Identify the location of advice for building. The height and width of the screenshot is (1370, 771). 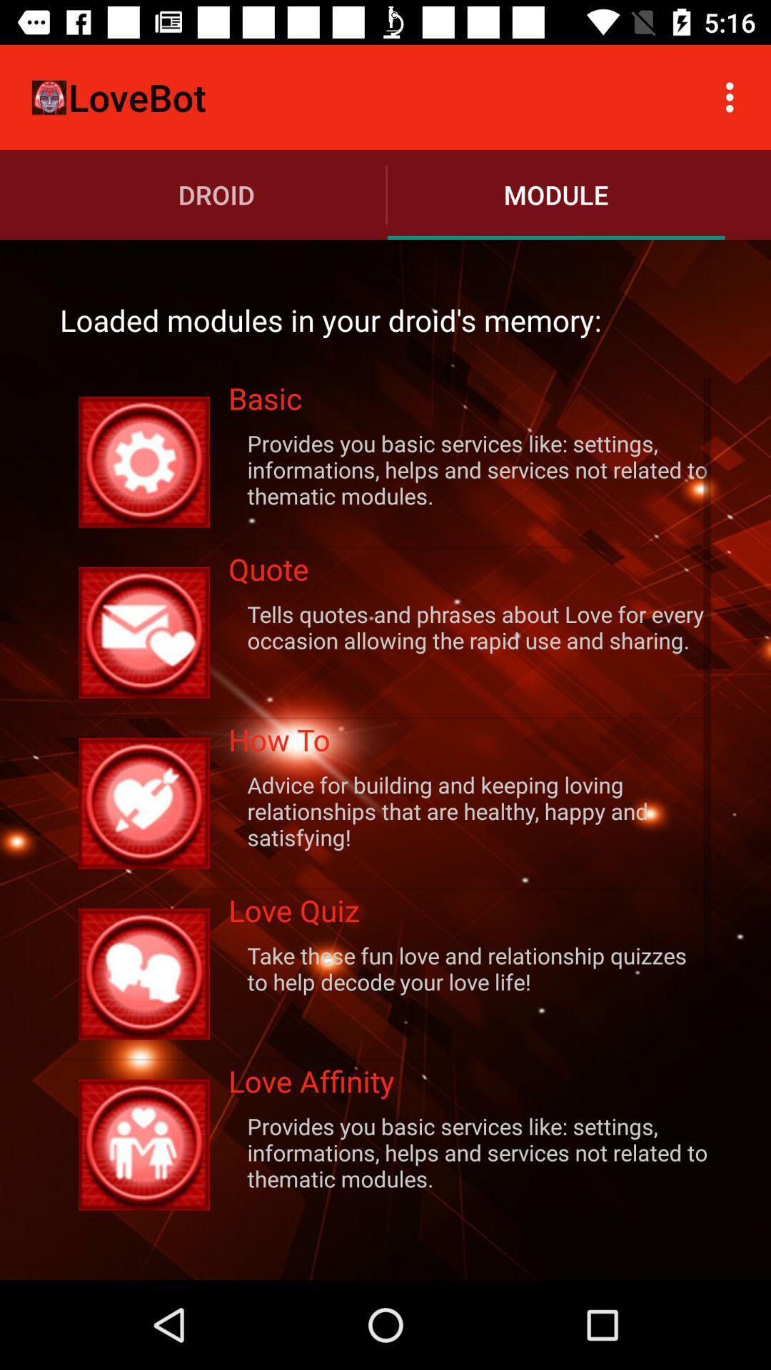
(470, 811).